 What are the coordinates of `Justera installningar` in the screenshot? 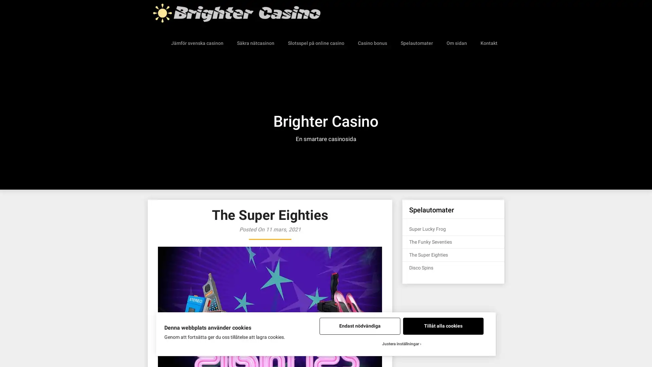 It's located at (401, 344).